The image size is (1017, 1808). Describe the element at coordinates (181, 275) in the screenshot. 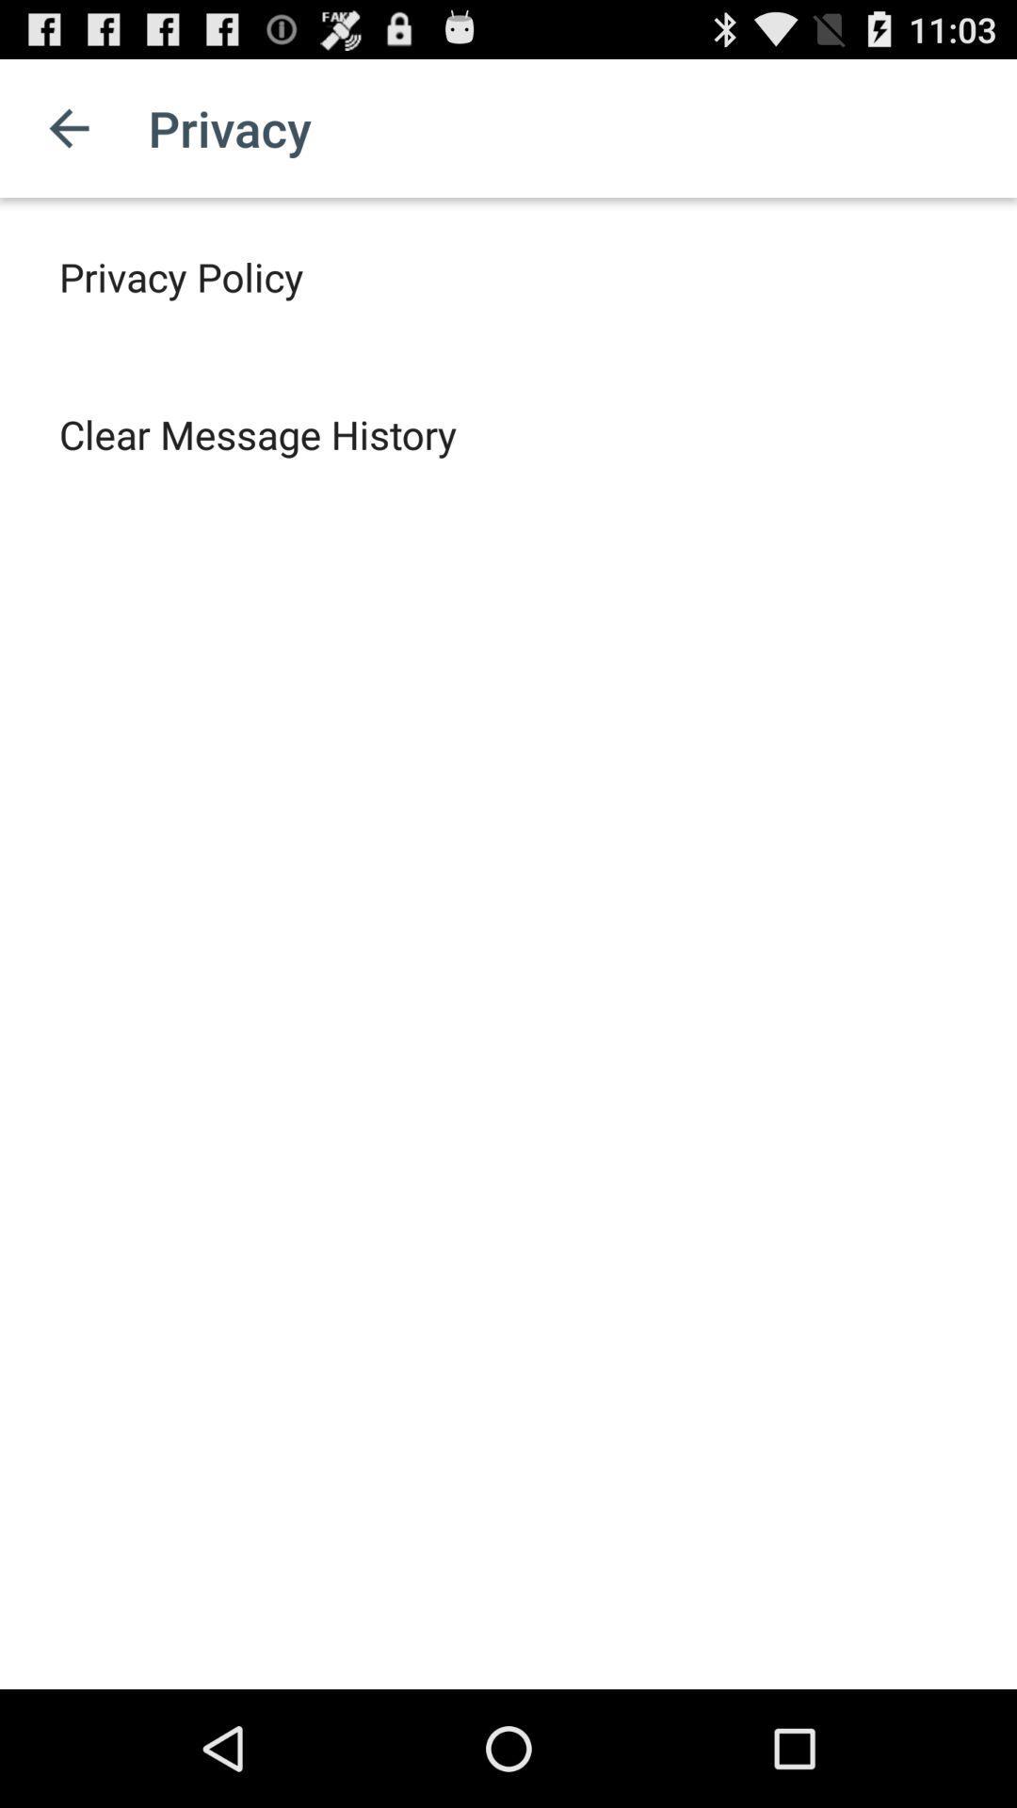

I see `privacy policy item` at that location.